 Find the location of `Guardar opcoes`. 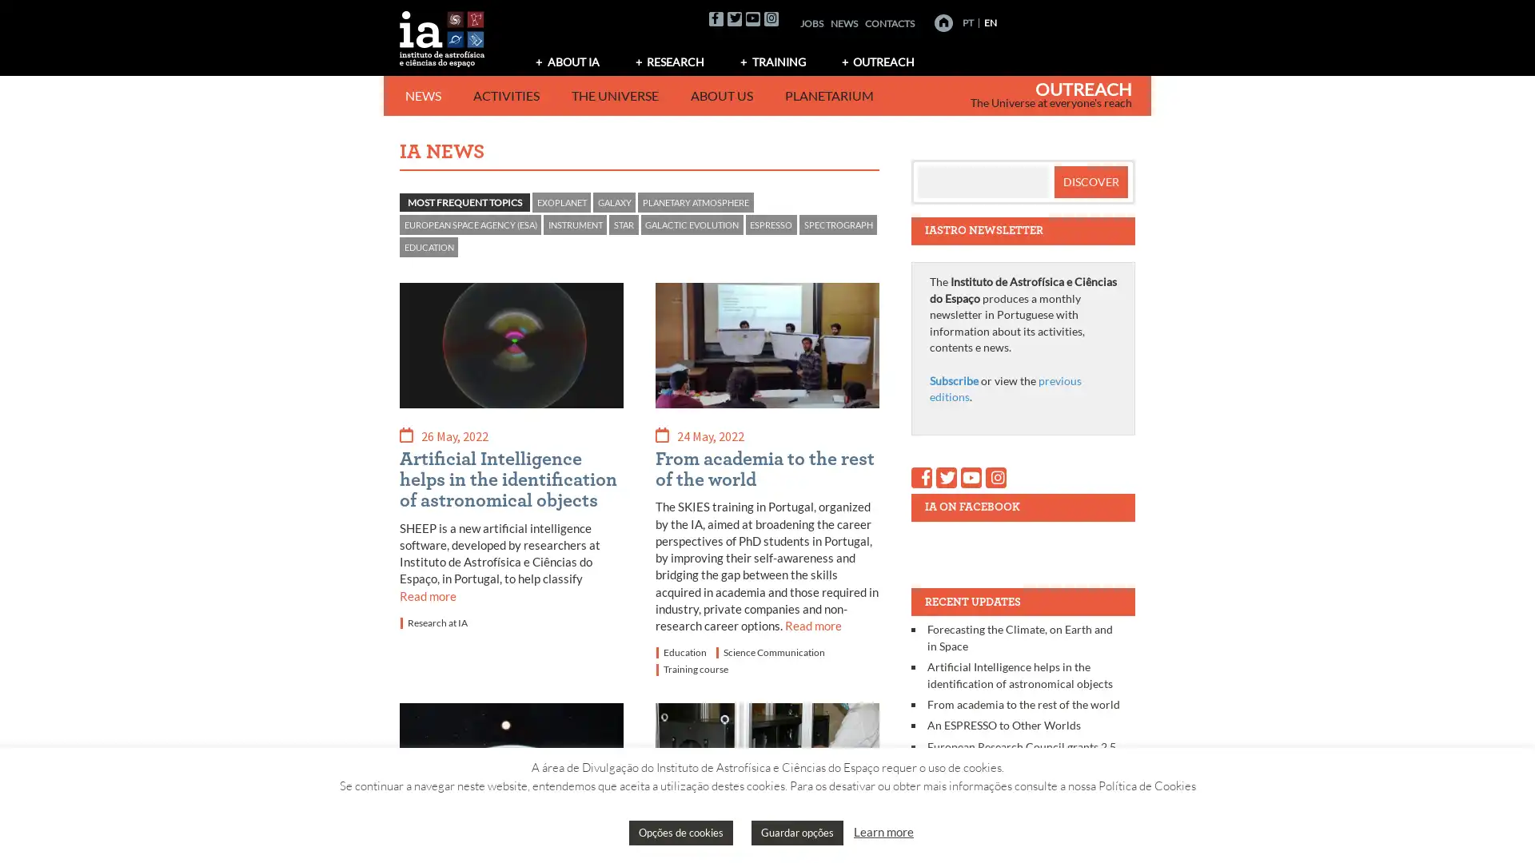

Guardar opcoes is located at coordinates (797, 832).